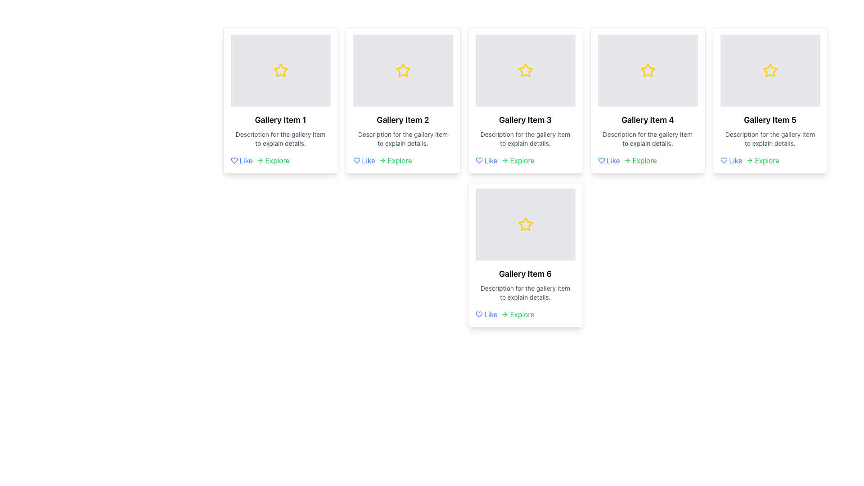 The height and width of the screenshot is (486, 864). Describe the element at coordinates (731, 160) in the screenshot. I see `the 'Like' hyperlink for 'Gallery Item 5' to observe the underline effect` at that location.